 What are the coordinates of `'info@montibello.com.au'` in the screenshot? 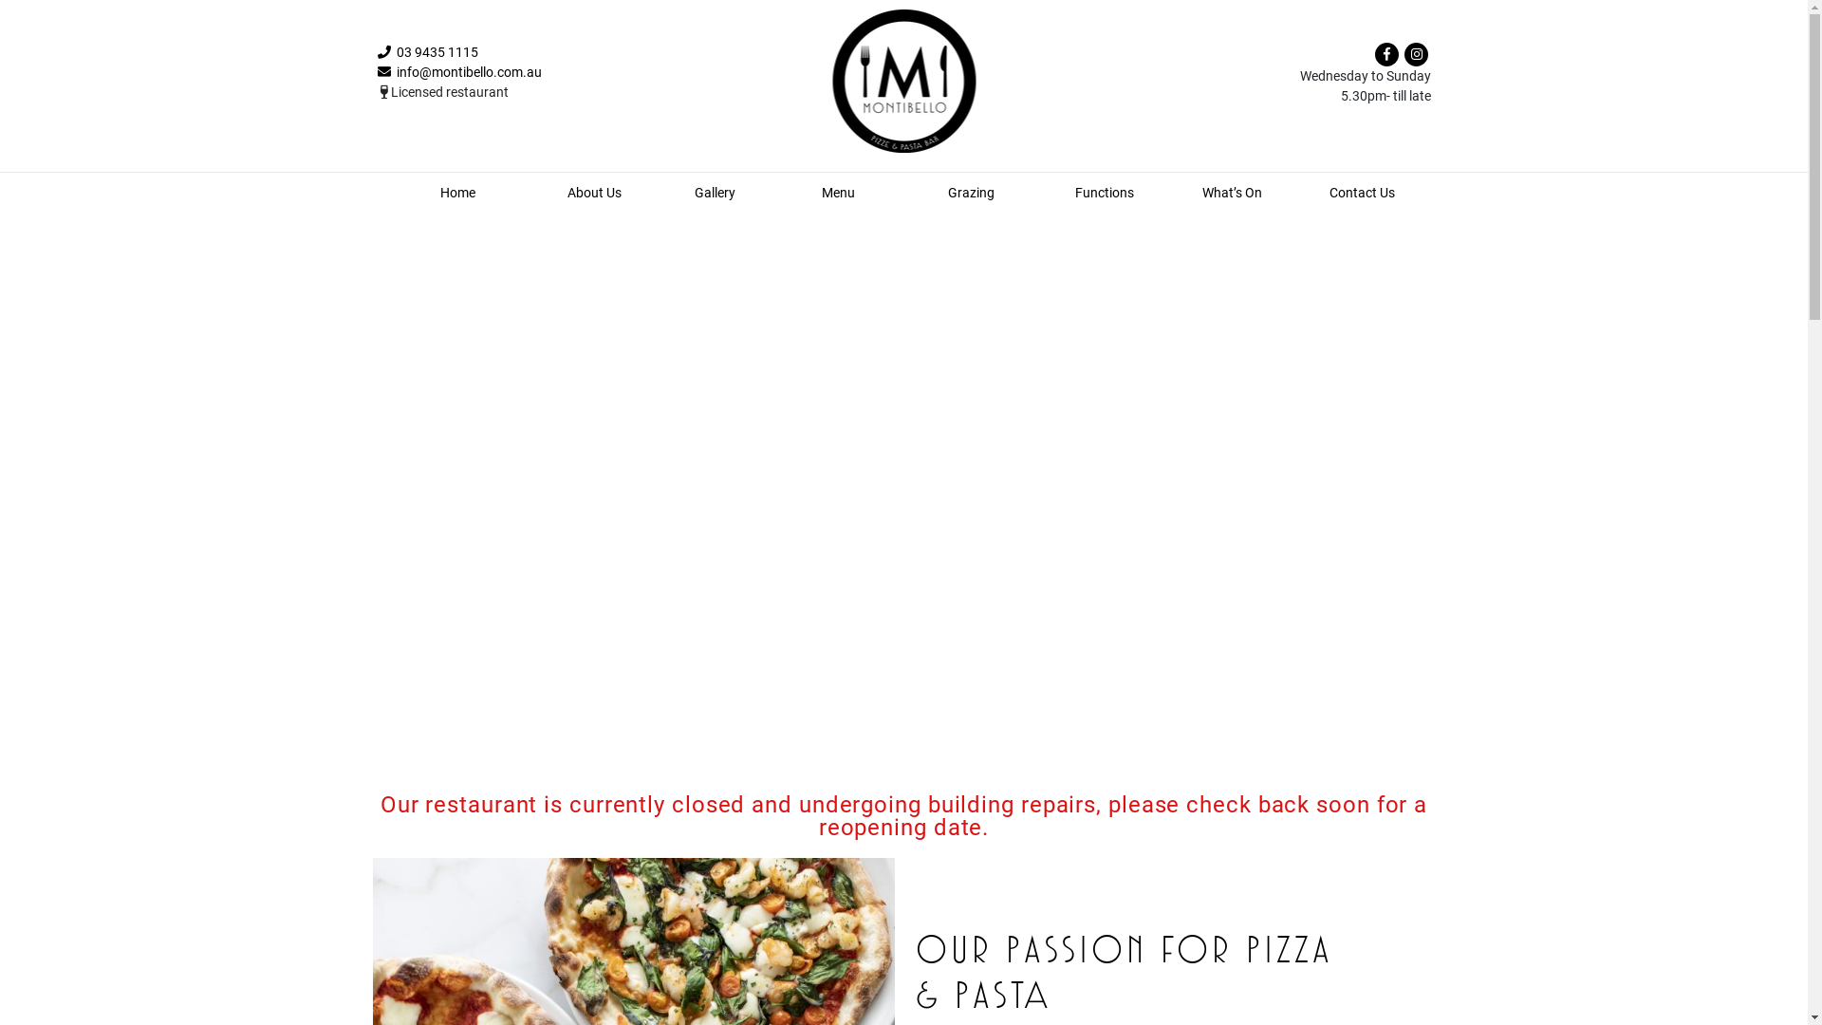 It's located at (378, 71).